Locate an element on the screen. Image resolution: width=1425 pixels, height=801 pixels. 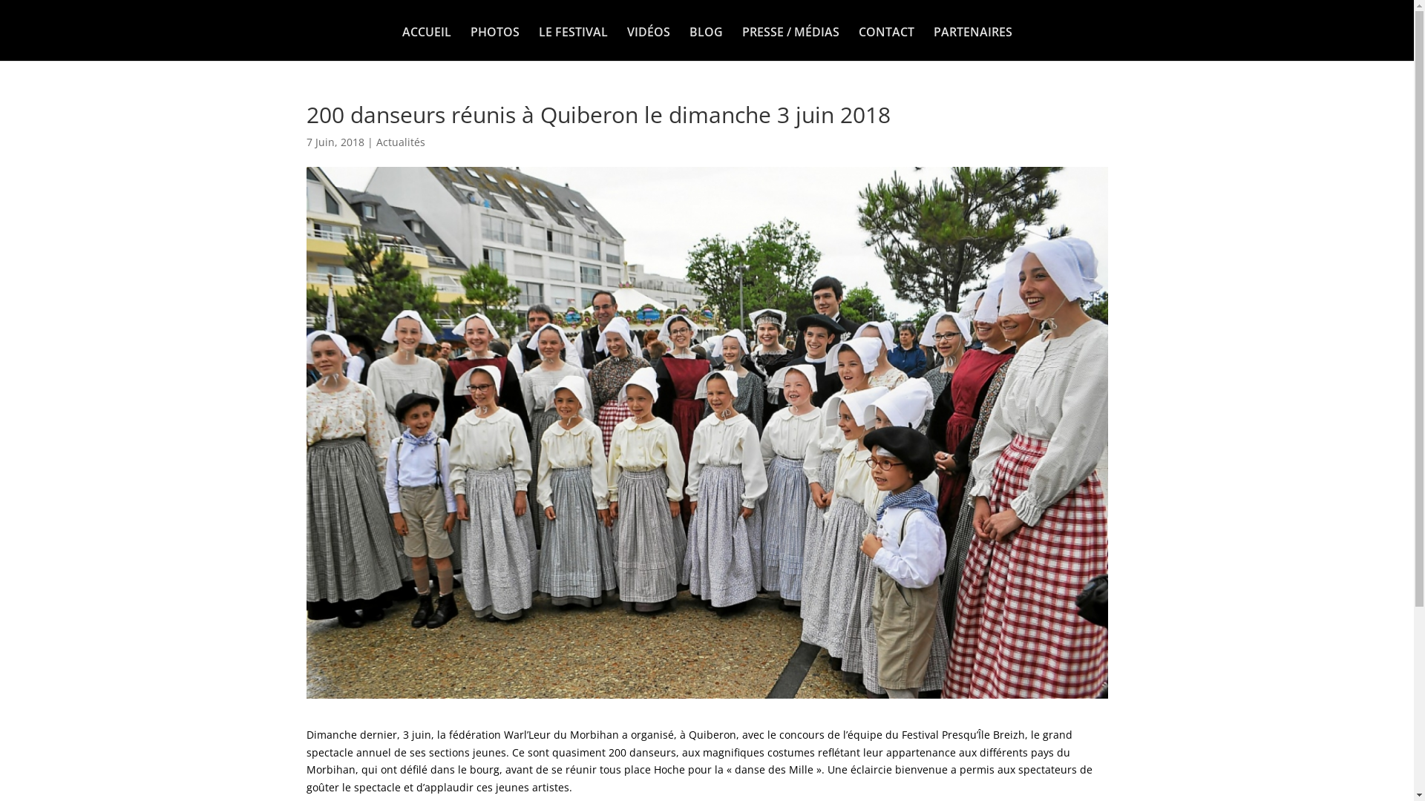
'LE FESTIVAL' is located at coordinates (572, 42).